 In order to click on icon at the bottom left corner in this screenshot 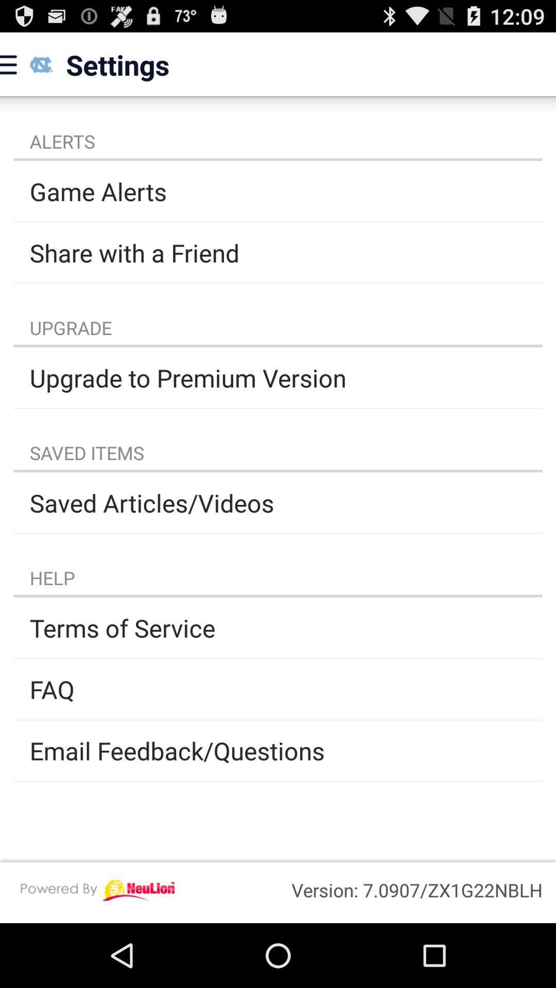, I will do `click(97, 890)`.